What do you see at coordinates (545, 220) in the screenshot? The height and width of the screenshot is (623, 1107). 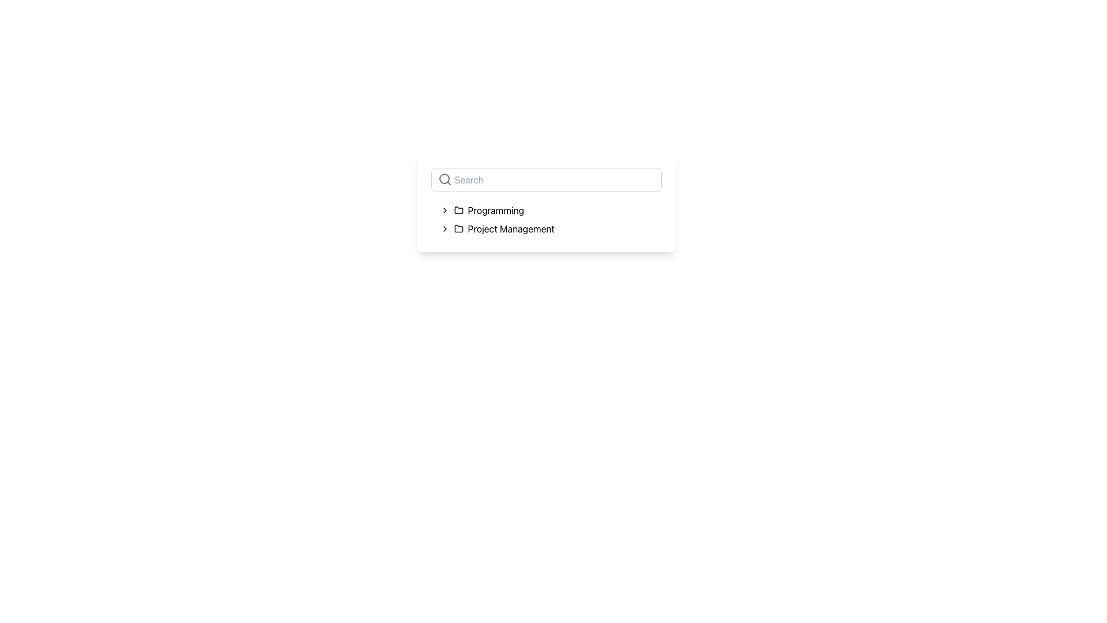 I see `the navigable list section` at bounding box center [545, 220].